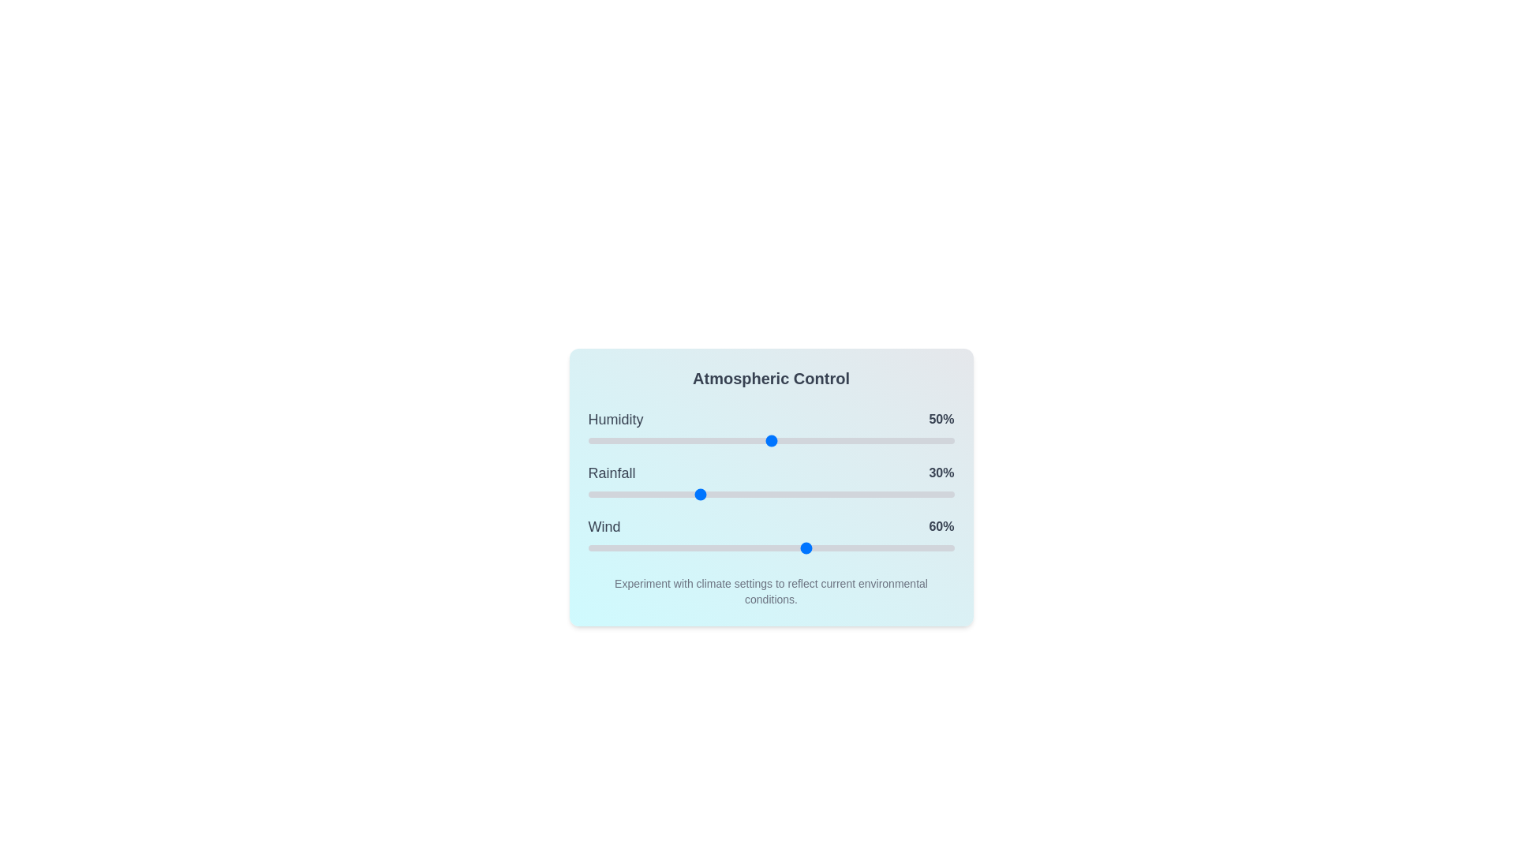  Describe the element at coordinates (701, 494) in the screenshot. I see `the 1 slider to 31%` at that location.